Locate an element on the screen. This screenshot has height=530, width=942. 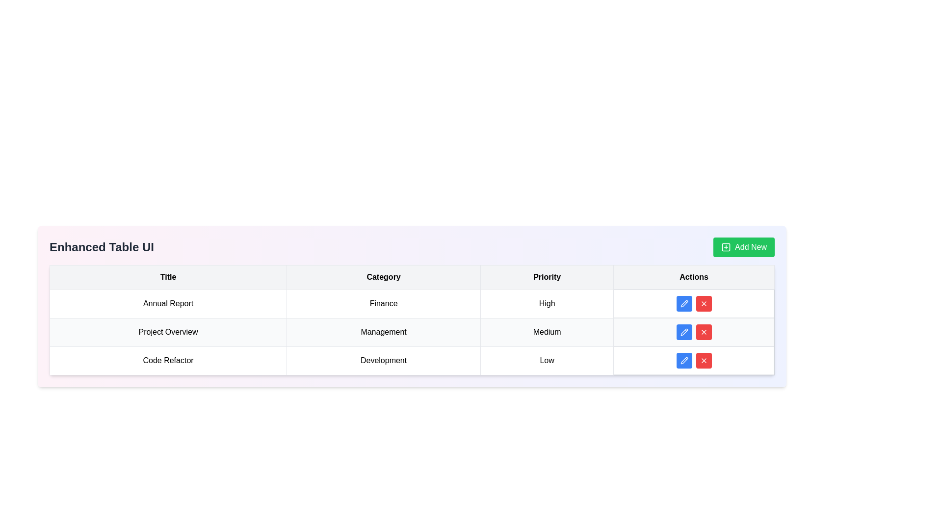
the second row in the table containing 'Project Overview', 'Management', and 'Medium' is located at coordinates (412, 332).